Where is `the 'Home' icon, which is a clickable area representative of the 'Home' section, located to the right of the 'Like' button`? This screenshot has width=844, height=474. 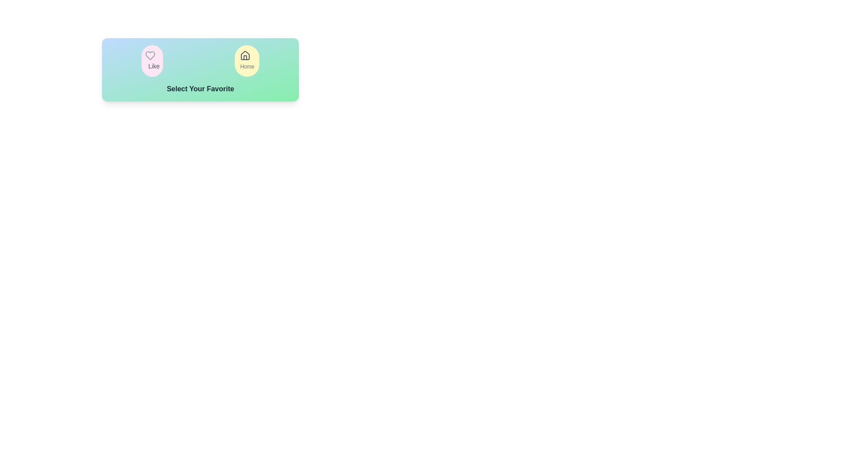
the 'Home' icon, which is a clickable area representative of the 'Home' section, located to the right of the 'Like' button is located at coordinates (245, 56).